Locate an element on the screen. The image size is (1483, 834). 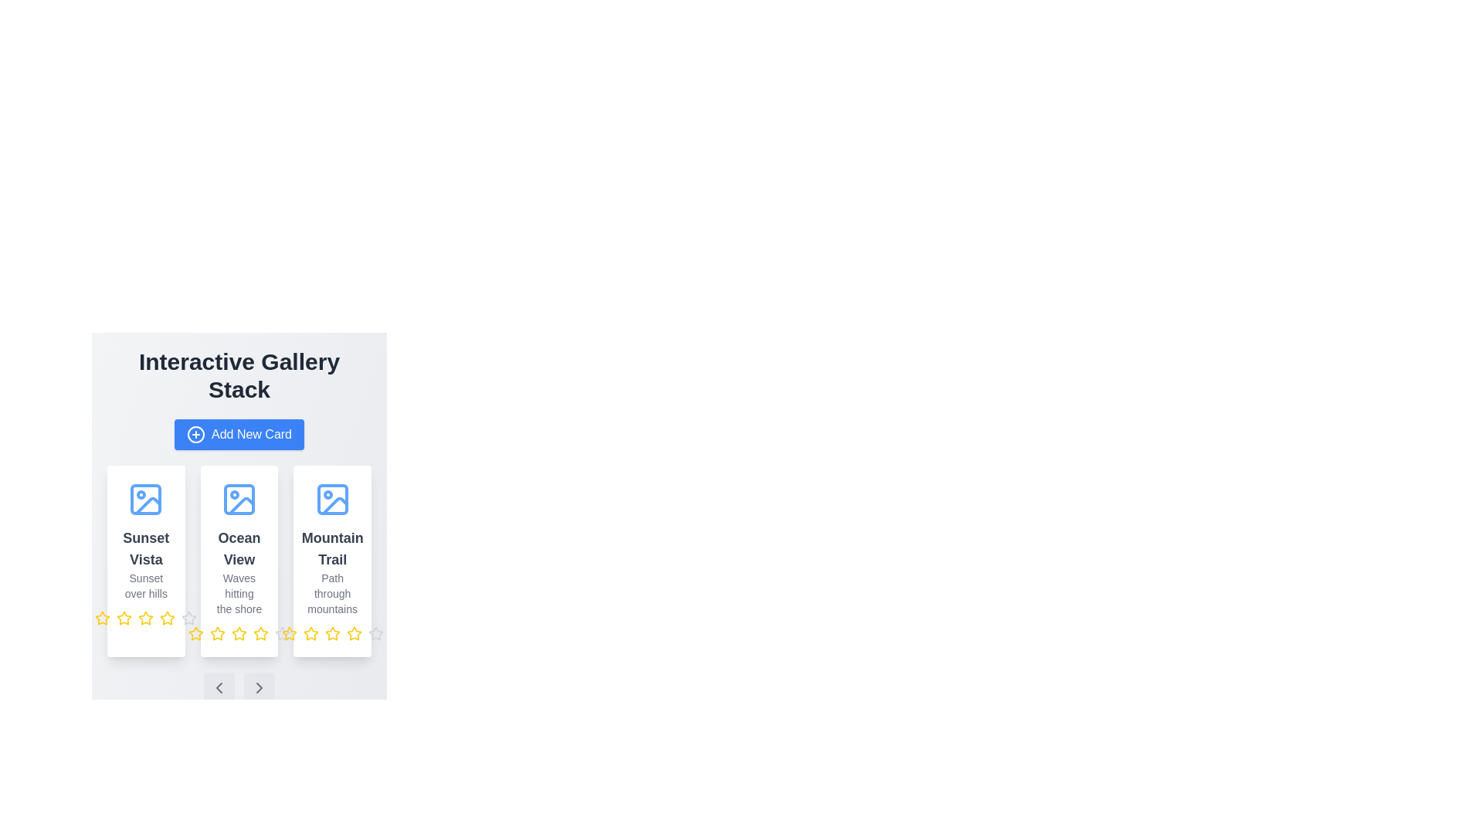
subtitle text located beneath the title 'Mountain Trail' in the third card of the horizontal row of cards is located at coordinates (331, 592).